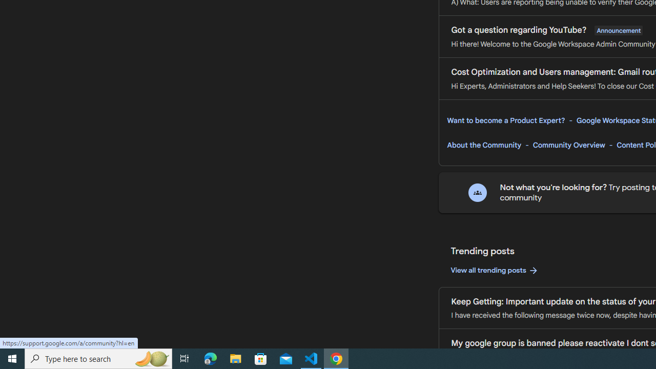 The image size is (656, 369). I want to click on 'Community Overview', so click(568, 145).